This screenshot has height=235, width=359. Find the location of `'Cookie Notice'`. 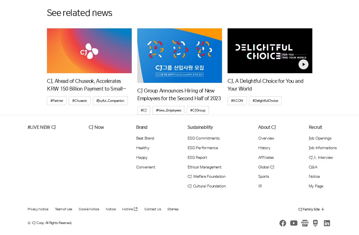

'Cookie Notice' is located at coordinates (89, 209).